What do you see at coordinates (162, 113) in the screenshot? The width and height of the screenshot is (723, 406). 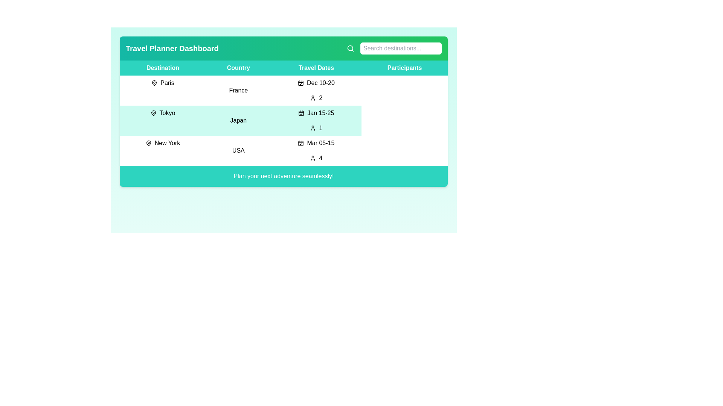 I see `the Label element displaying 'Tokyo', which is located in the second row under the 'Destination' column of the table, next to 'Japan' and above 'New York'` at bounding box center [162, 113].